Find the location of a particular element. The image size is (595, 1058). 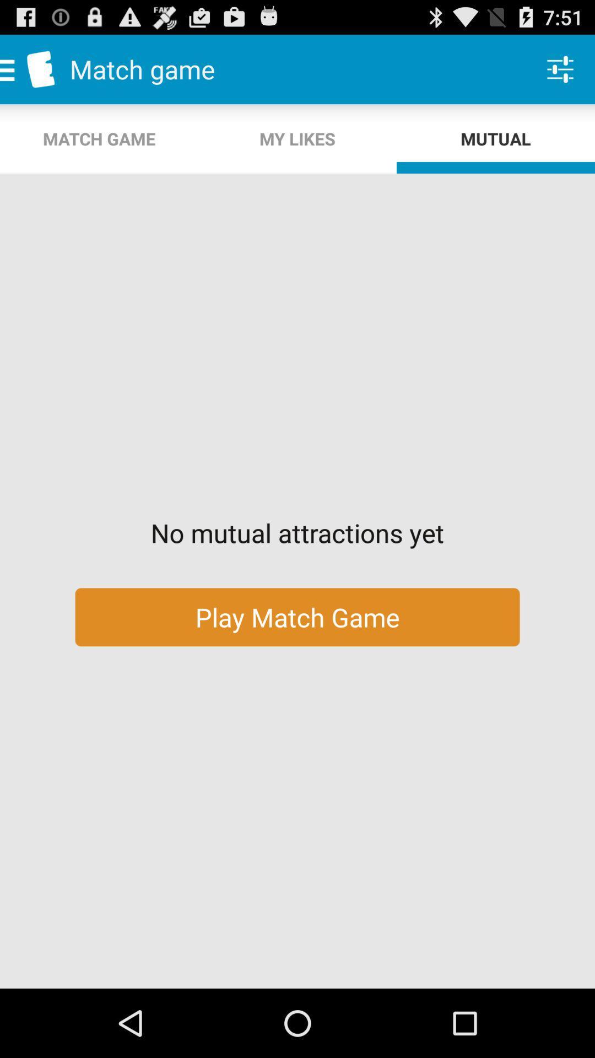

app above no mutual attractions is located at coordinates (297, 138).